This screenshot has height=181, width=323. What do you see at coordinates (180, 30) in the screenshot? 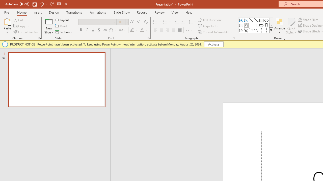
I see `'Distributed'` at bounding box center [180, 30].